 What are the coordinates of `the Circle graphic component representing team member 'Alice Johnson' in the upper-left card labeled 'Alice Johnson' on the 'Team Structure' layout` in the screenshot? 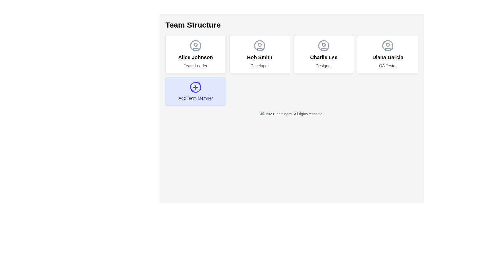 It's located at (195, 46).